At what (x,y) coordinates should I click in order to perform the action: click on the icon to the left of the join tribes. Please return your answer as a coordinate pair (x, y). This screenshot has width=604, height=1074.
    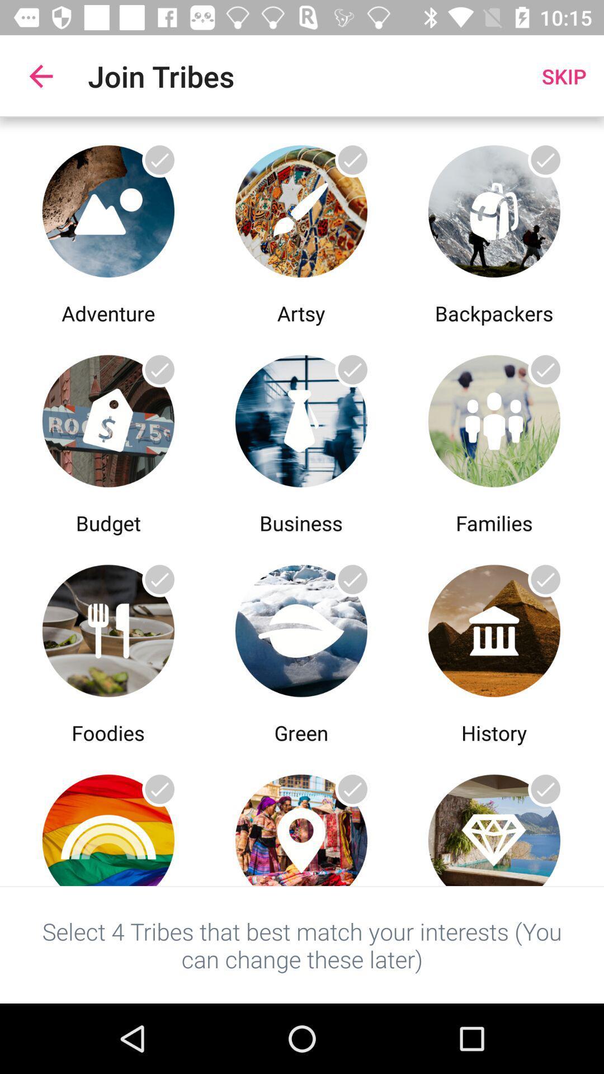
    Looking at the image, I should click on (40, 76).